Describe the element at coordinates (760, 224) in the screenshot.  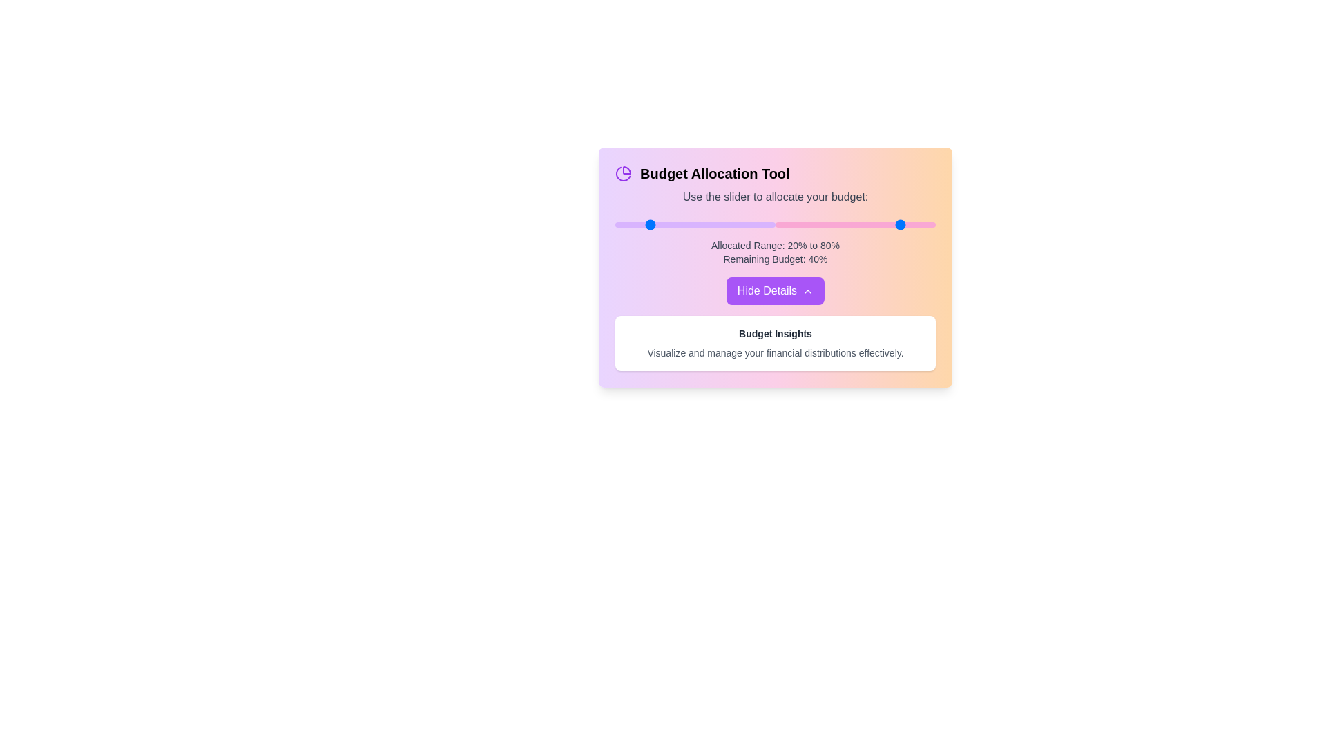
I see `the first slider to set the starting percentage to 91` at that location.